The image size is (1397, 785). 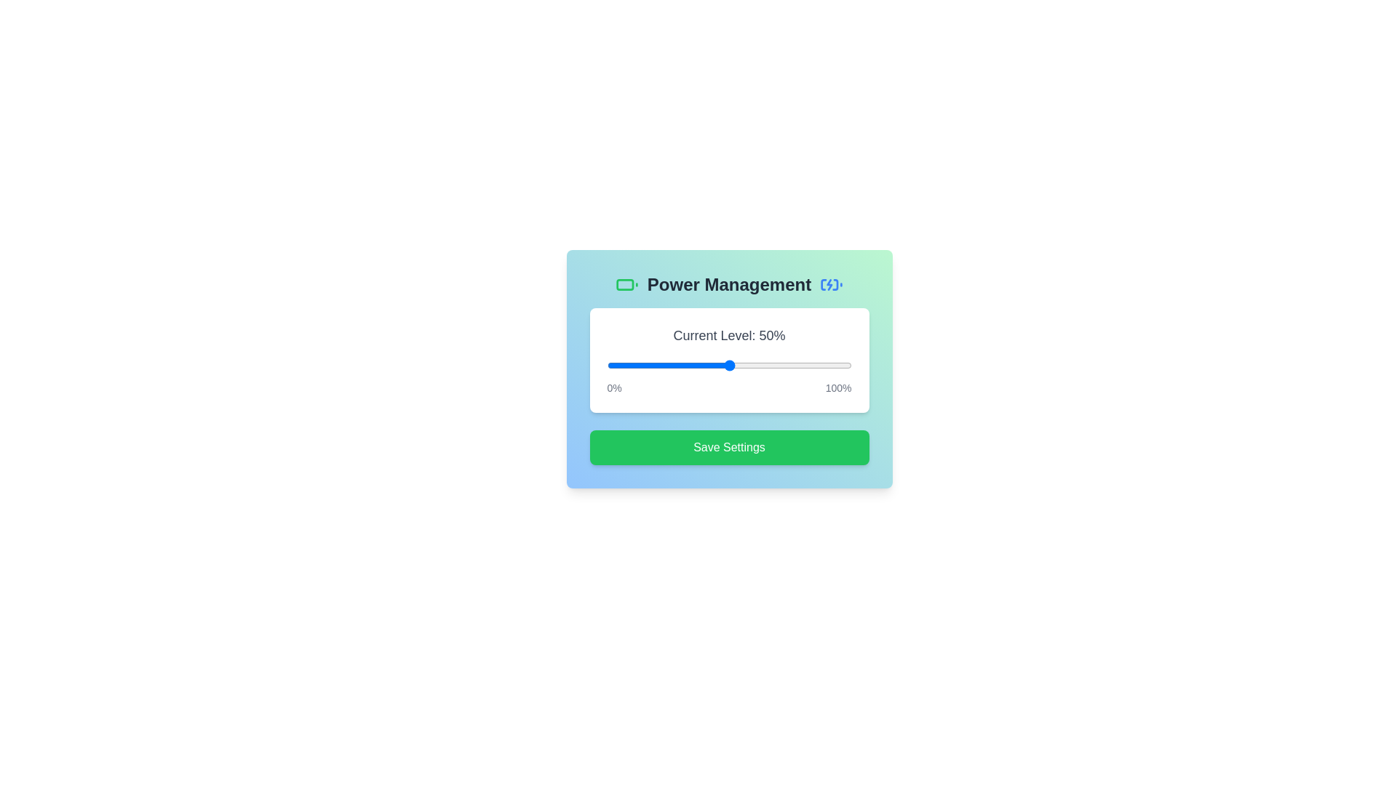 What do you see at coordinates (729, 447) in the screenshot?
I see `'Save Settings' button to save the current power level` at bounding box center [729, 447].